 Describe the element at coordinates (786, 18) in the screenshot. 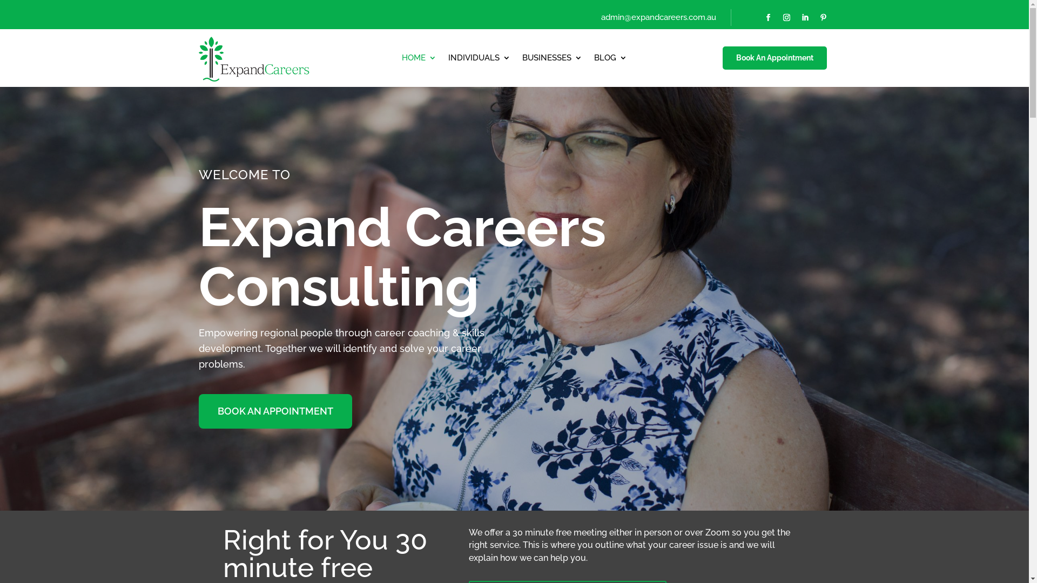

I see `'Follow on Instagram'` at that location.